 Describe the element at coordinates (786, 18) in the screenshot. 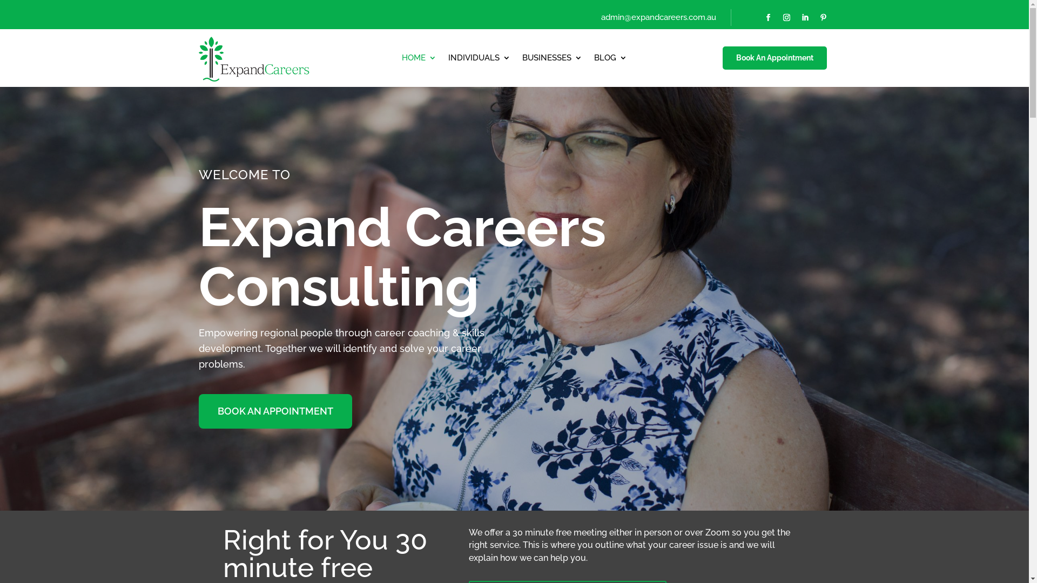

I see `'Follow on Instagram'` at that location.